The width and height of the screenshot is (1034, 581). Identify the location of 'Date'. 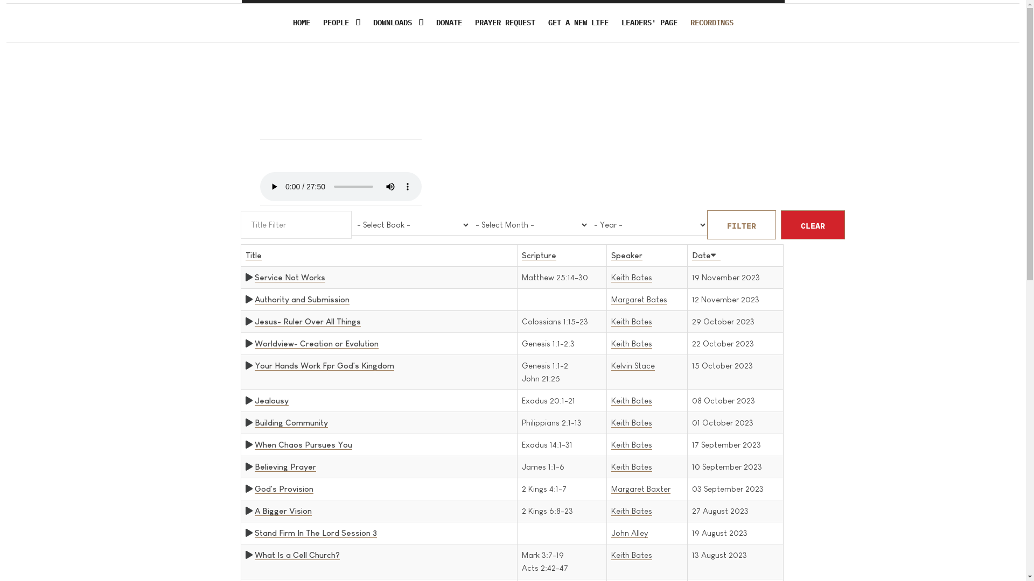
(692, 255).